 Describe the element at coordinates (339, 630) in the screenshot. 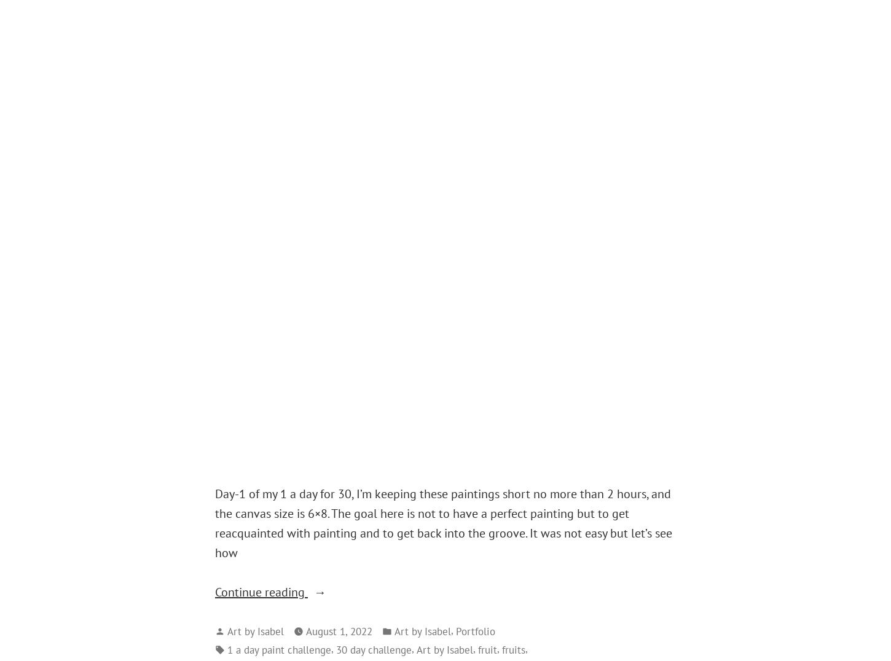

I see `'August 1, 2022'` at that location.